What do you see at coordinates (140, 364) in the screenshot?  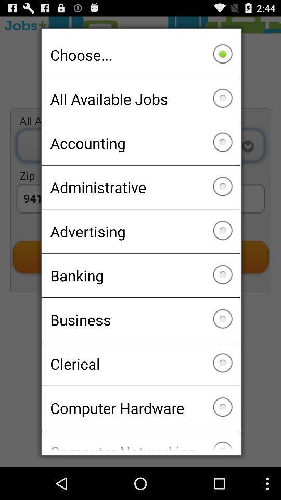 I see `the item below business` at bounding box center [140, 364].